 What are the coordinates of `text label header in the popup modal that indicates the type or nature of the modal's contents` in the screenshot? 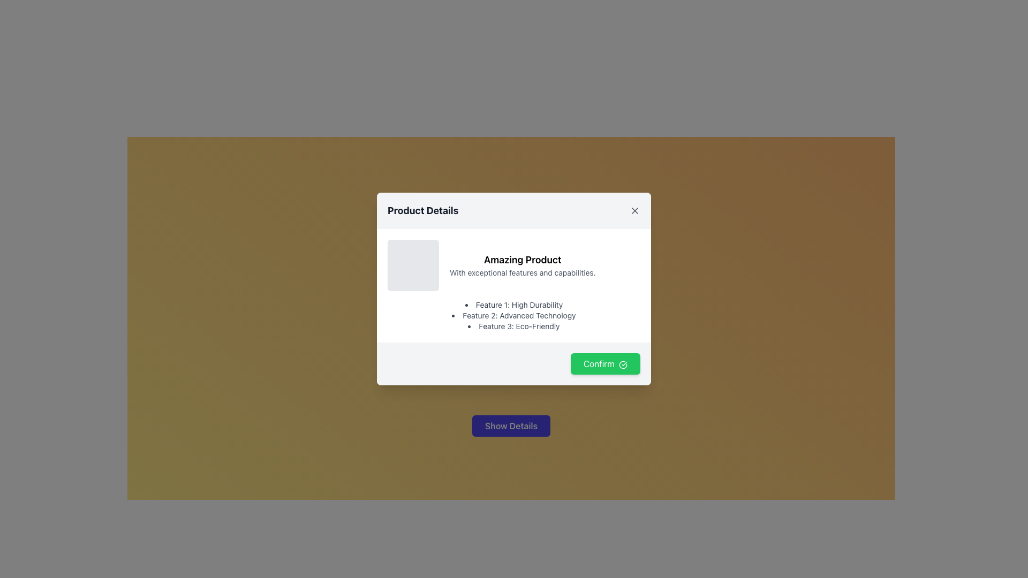 It's located at (422, 210).